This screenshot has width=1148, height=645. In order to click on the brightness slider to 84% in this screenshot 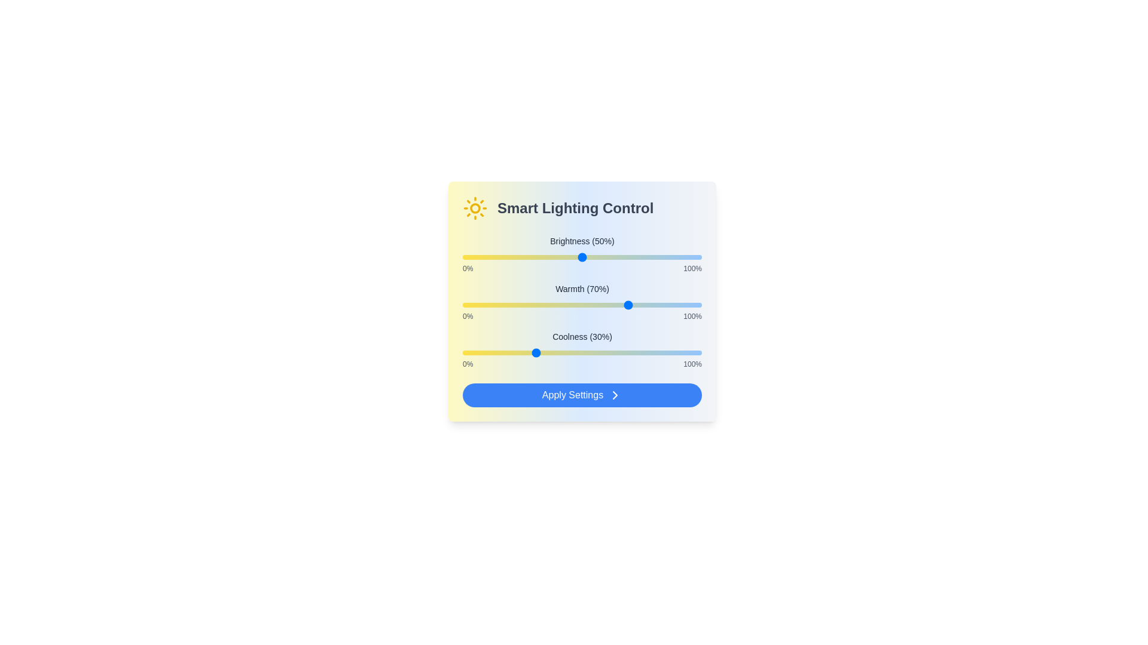, I will do `click(662, 257)`.